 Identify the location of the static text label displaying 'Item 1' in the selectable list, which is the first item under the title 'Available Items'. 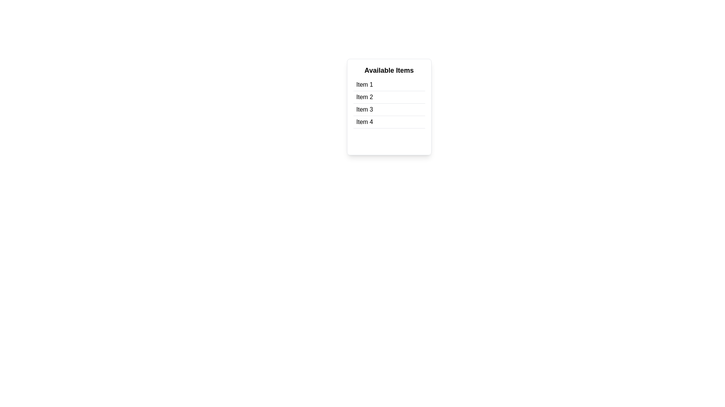
(364, 84).